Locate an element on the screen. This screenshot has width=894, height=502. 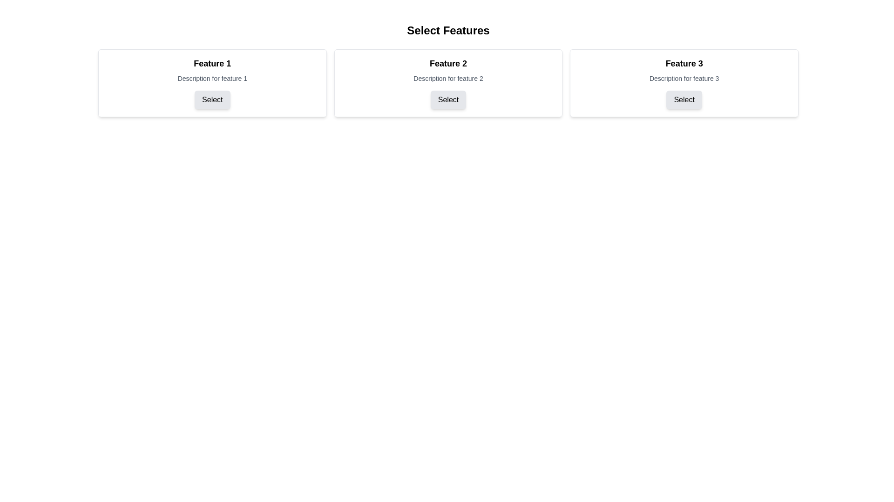
the button located at the bottom of the 'Feature 3' card is located at coordinates (684, 100).